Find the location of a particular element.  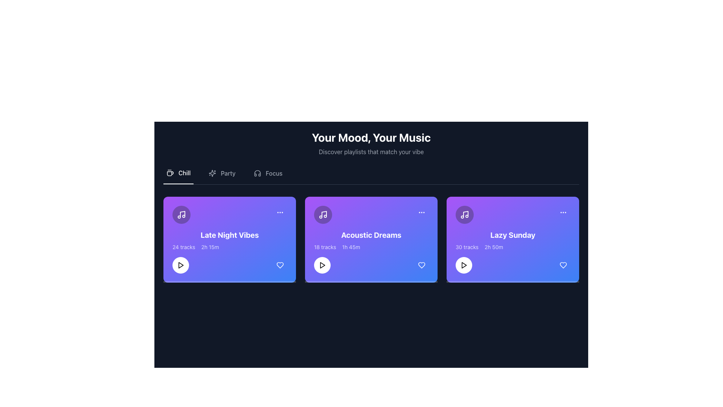

the decorative 'Party' theme icon located in the top navigation bar, between the 'Chill' and 'Focus' icons is located at coordinates (212, 173).